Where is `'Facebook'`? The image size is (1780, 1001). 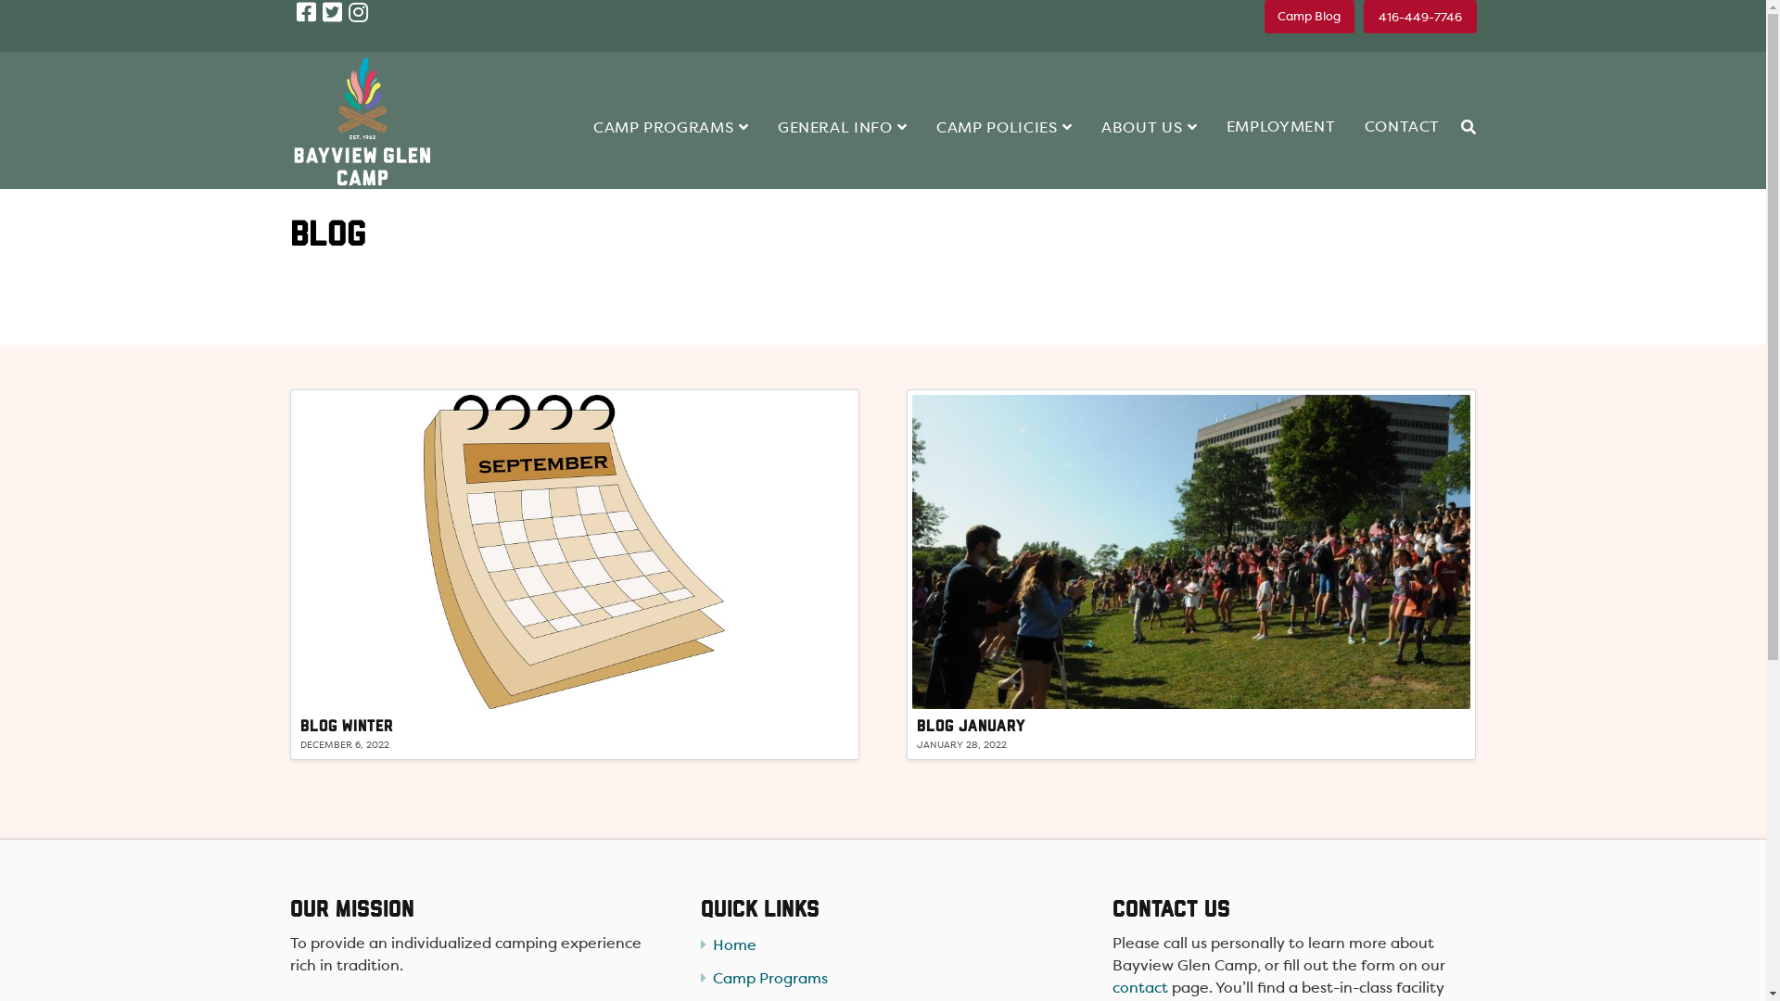
'Facebook' is located at coordinates (297, 11).